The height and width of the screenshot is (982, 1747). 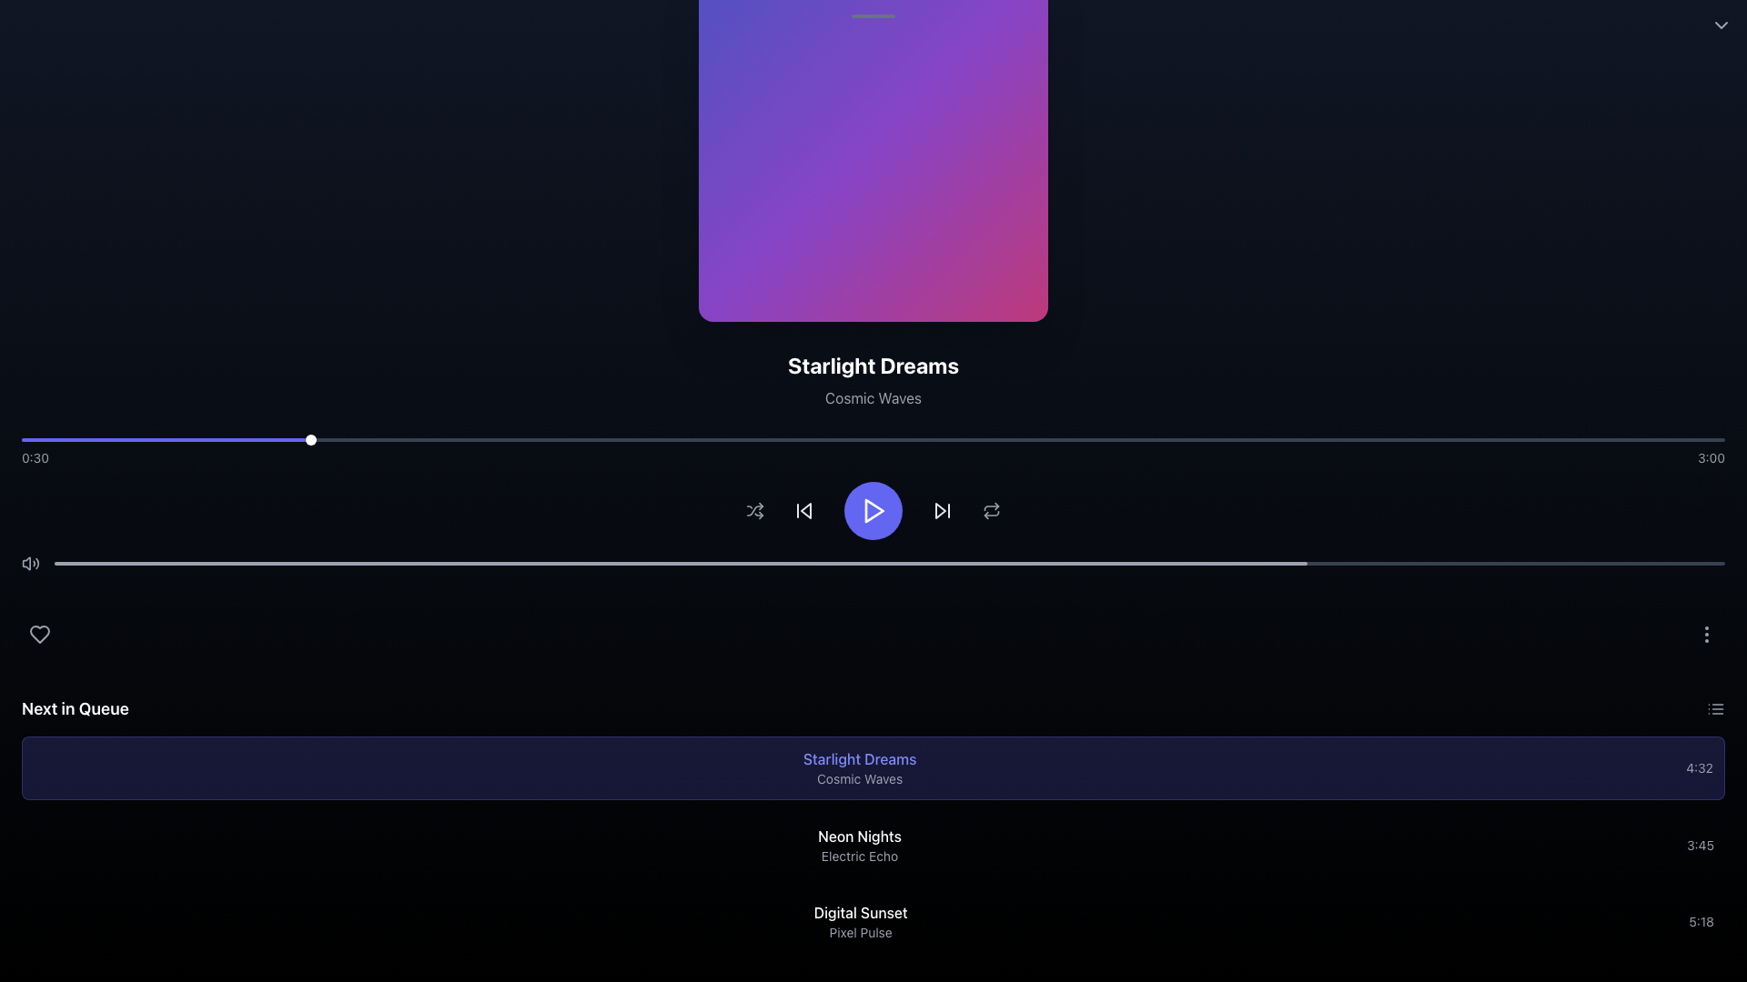 What do you see at coordinates (943, 511) in the screenshot?
I see `the triangular arrow button styled in light gray that skips forward in the control bar, located between the play button and repeat control icon` at bounding box center [943, 511].